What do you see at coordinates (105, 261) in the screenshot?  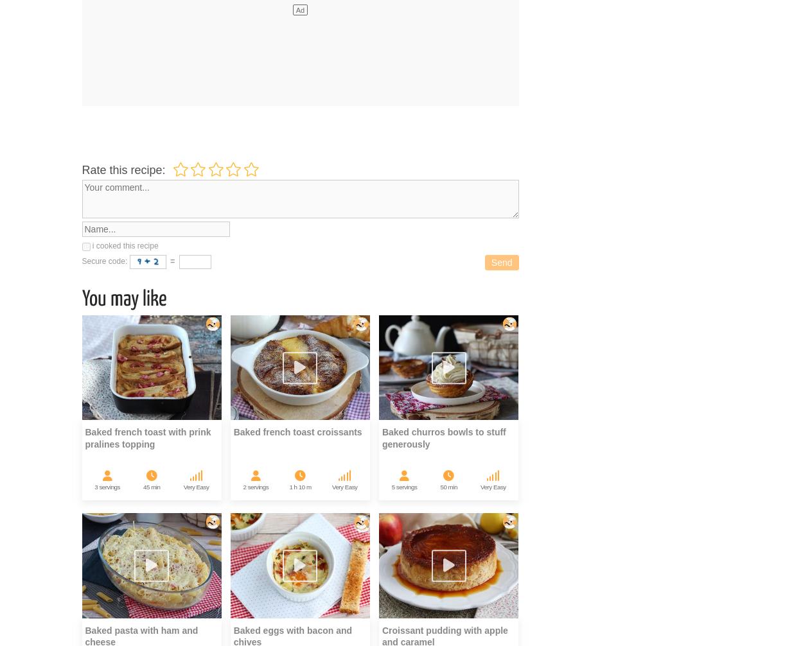 I see `'Secure code:'` at bounding box center [105, 261].